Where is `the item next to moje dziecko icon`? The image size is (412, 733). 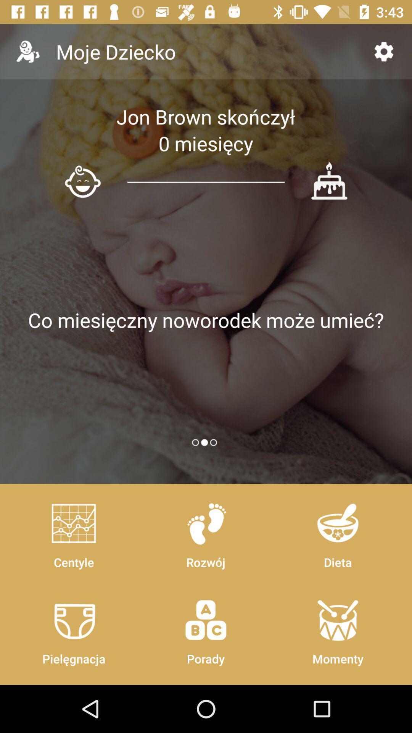 the item next to moje dziecko icon is located at coordinates (384, 51).